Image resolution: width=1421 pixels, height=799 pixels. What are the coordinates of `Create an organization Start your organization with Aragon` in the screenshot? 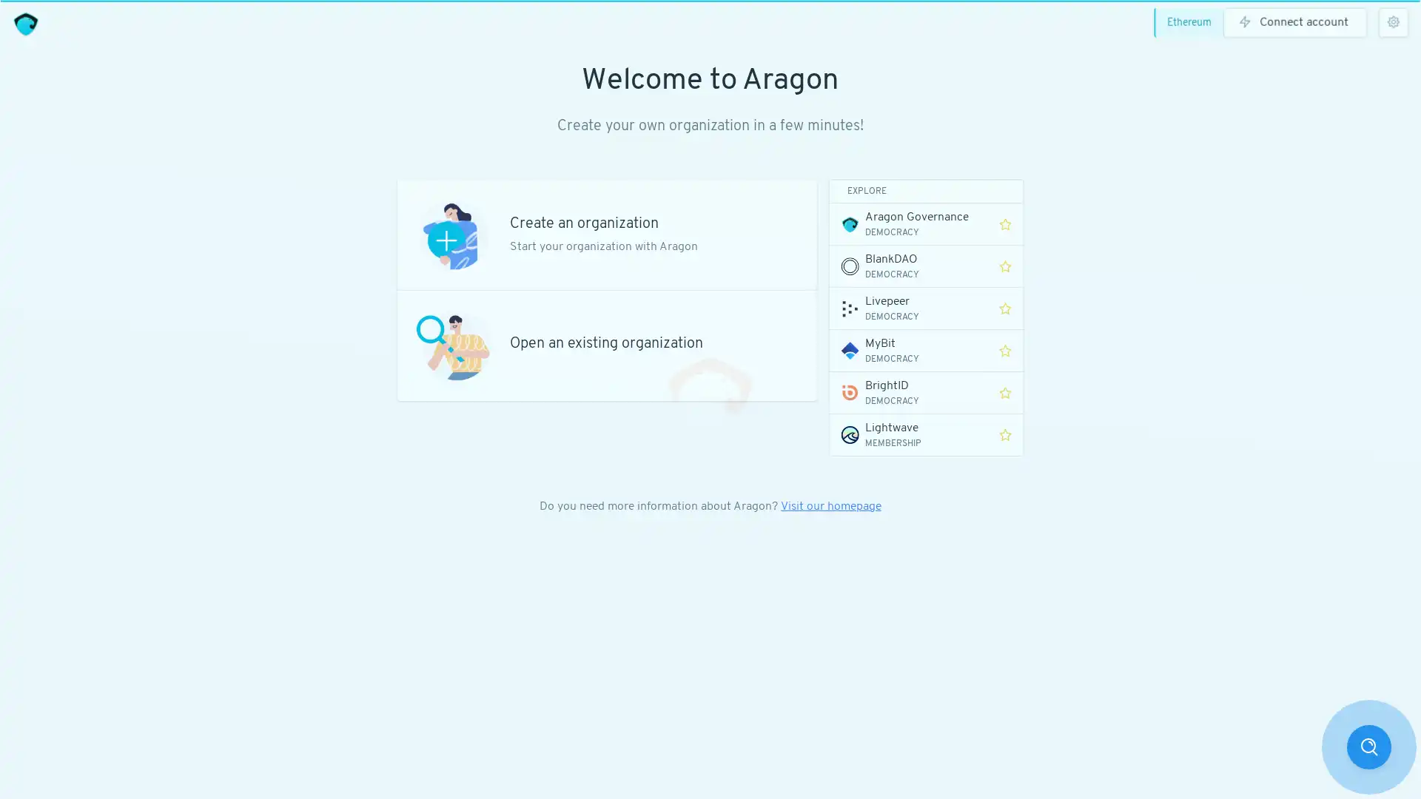 It's located at (607, 233).